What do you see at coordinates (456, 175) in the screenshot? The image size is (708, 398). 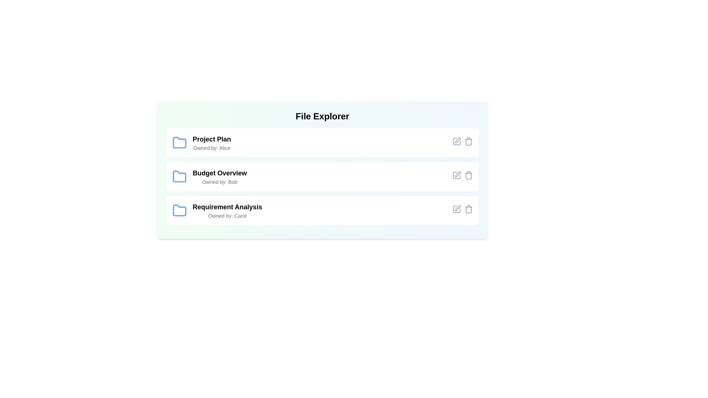 I see `the edit icon for the file Budget Overview` at bounding box center [456, 175].